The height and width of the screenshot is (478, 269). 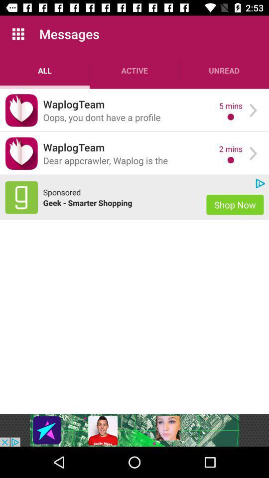 I want to click on advertisement website, so click(x=21, y=197).